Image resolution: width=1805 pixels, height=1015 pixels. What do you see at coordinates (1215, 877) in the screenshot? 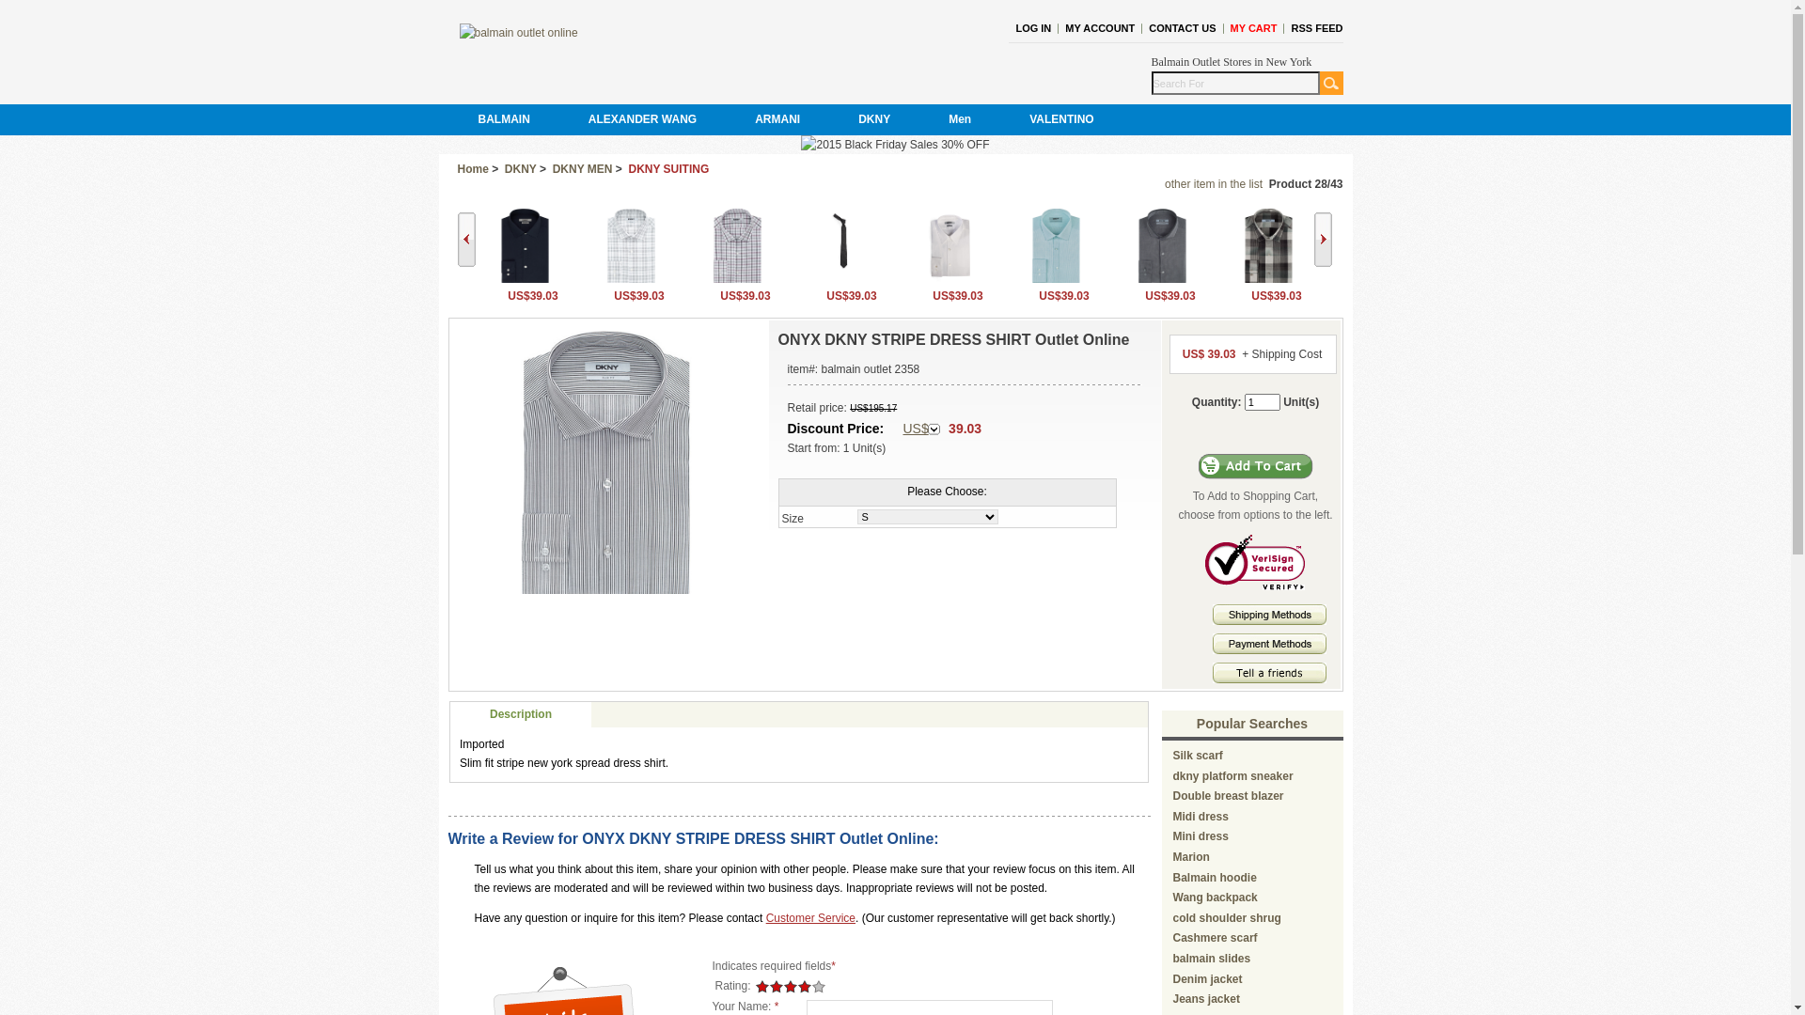
I see `'Balmain hoodie'` at bounding box center [1215, 877].